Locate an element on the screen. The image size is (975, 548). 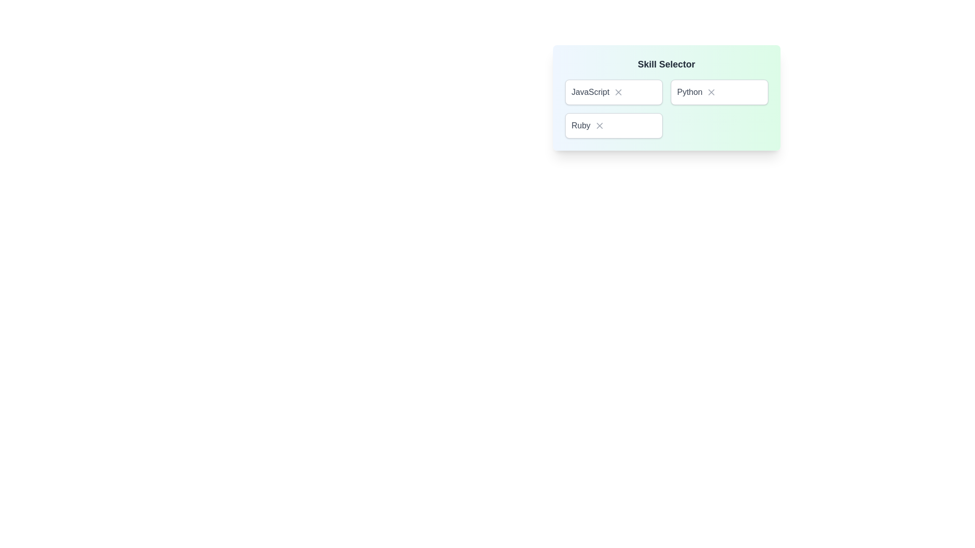
the chip labeled JavaScript is located at coordinates (613, 92).